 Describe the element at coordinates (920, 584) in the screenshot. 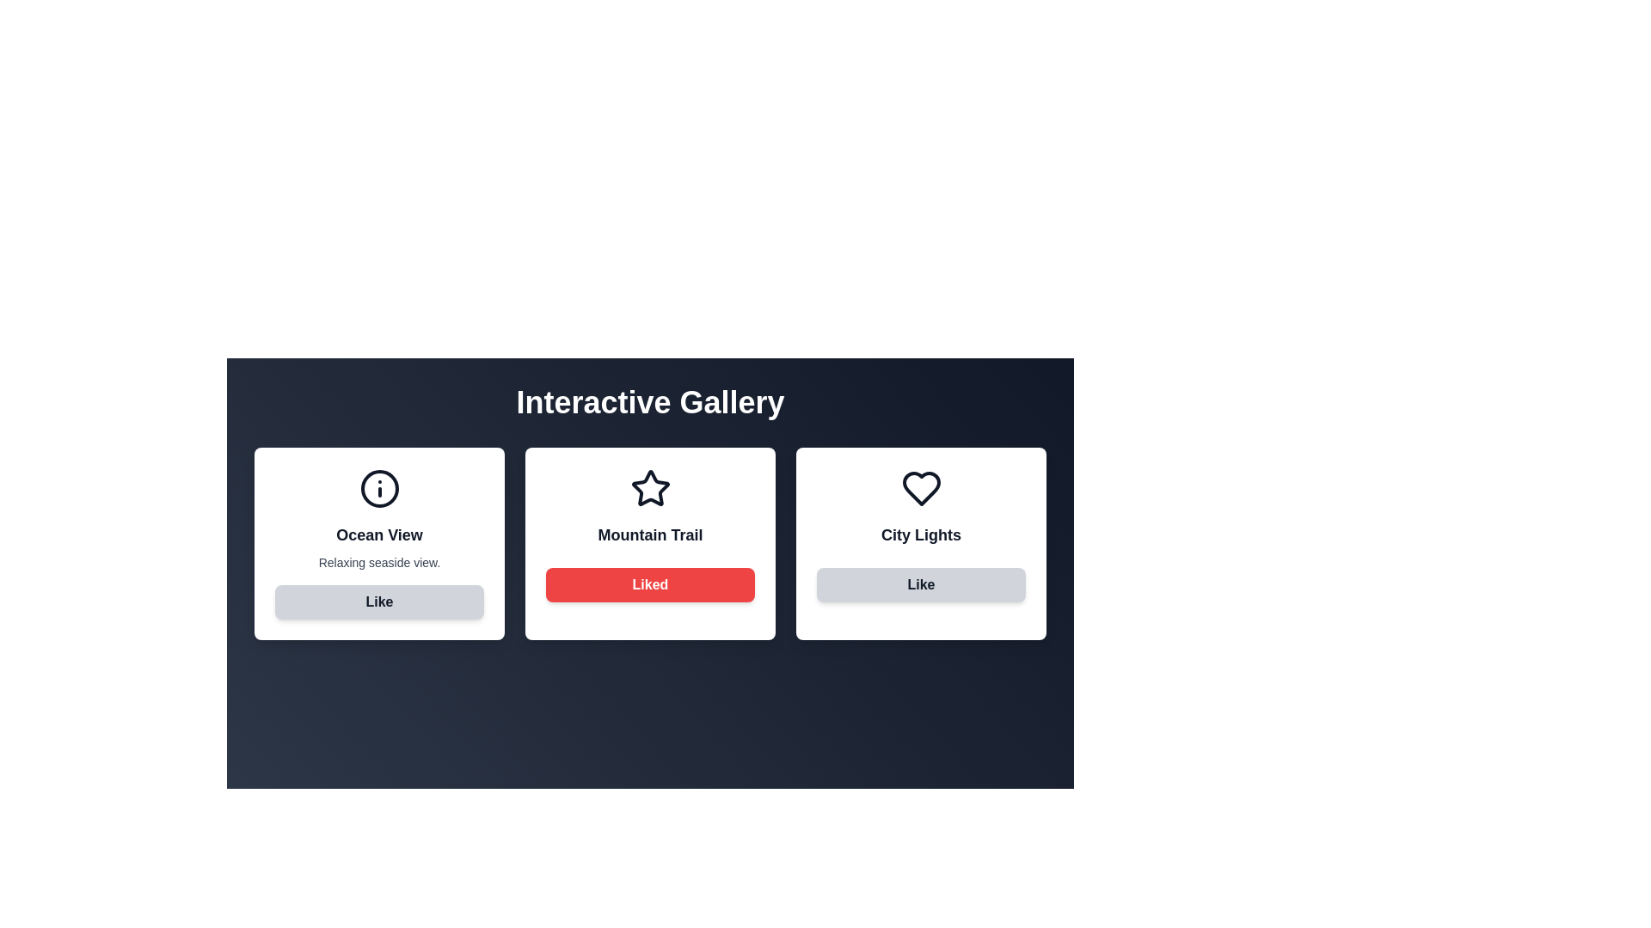

I see `the 'Like' button located at the bottom of the 'City Lights' card` at that location.